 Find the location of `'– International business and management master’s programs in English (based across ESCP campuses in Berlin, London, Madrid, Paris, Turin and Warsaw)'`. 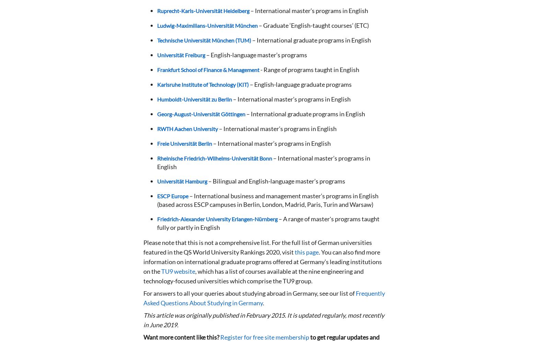

'– International business and management master’s programs in English (based across ESCP campuses in Berlin, London, Madrid, Paris, Turin and Warsaw)' is located at coordinates (268, 200).